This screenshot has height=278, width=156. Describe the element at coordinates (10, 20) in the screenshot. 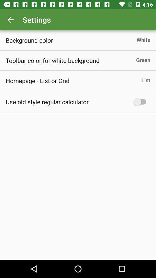

I see `icon above background color icon` at that location.